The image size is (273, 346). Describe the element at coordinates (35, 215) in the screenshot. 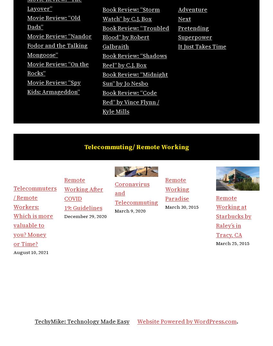

I see `'Telecommuters / Remote Workers: Which is more valuable to you? Money or Time?'` at that location.